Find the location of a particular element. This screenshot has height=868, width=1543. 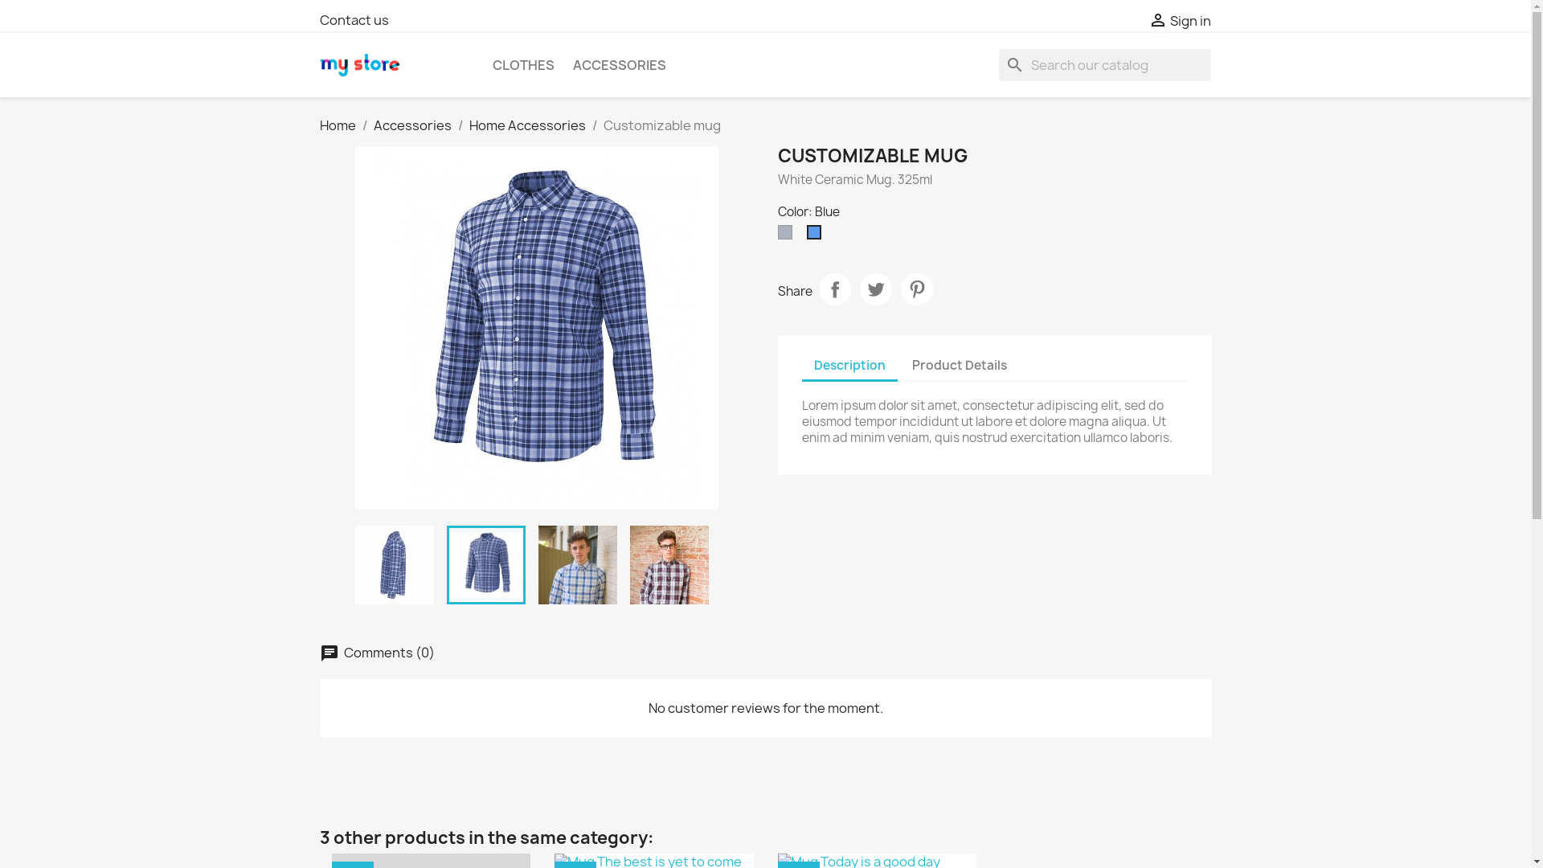

'Share' is located at coordinates (833, 288).